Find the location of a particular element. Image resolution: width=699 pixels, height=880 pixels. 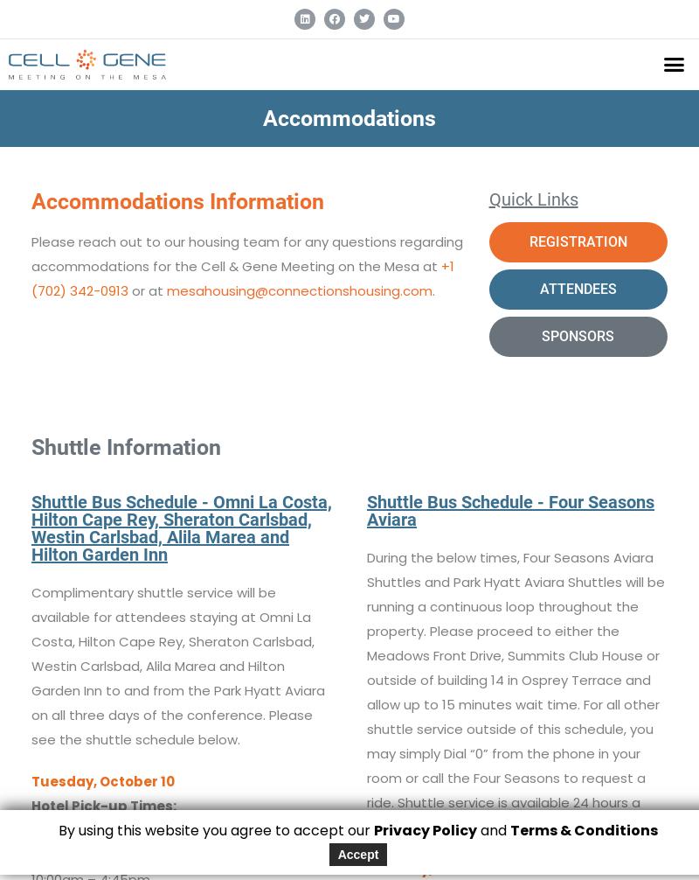

'mesahousing@connectionshousing.com' is located at coordinates (165, 289).